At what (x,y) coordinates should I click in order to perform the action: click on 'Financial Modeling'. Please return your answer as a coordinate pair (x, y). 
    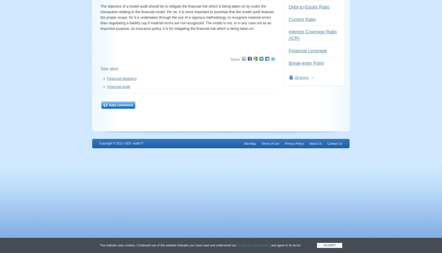
    Looking at the image, I should click on (121, 79).